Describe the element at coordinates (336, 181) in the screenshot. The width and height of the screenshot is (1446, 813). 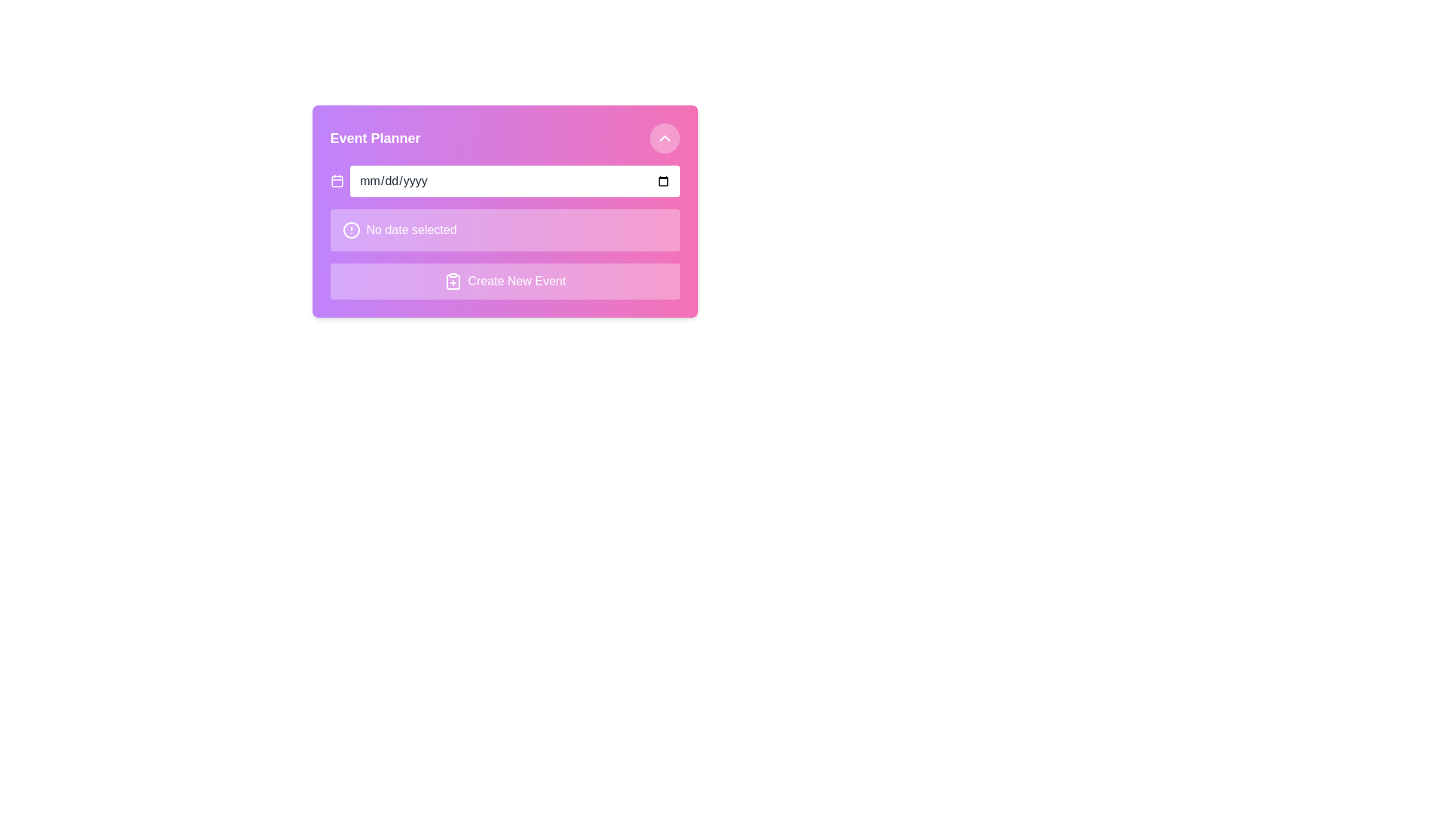
I see `the minimalistic calendar icon located in the left portion of the input box group to invoke its implied function` at that location.